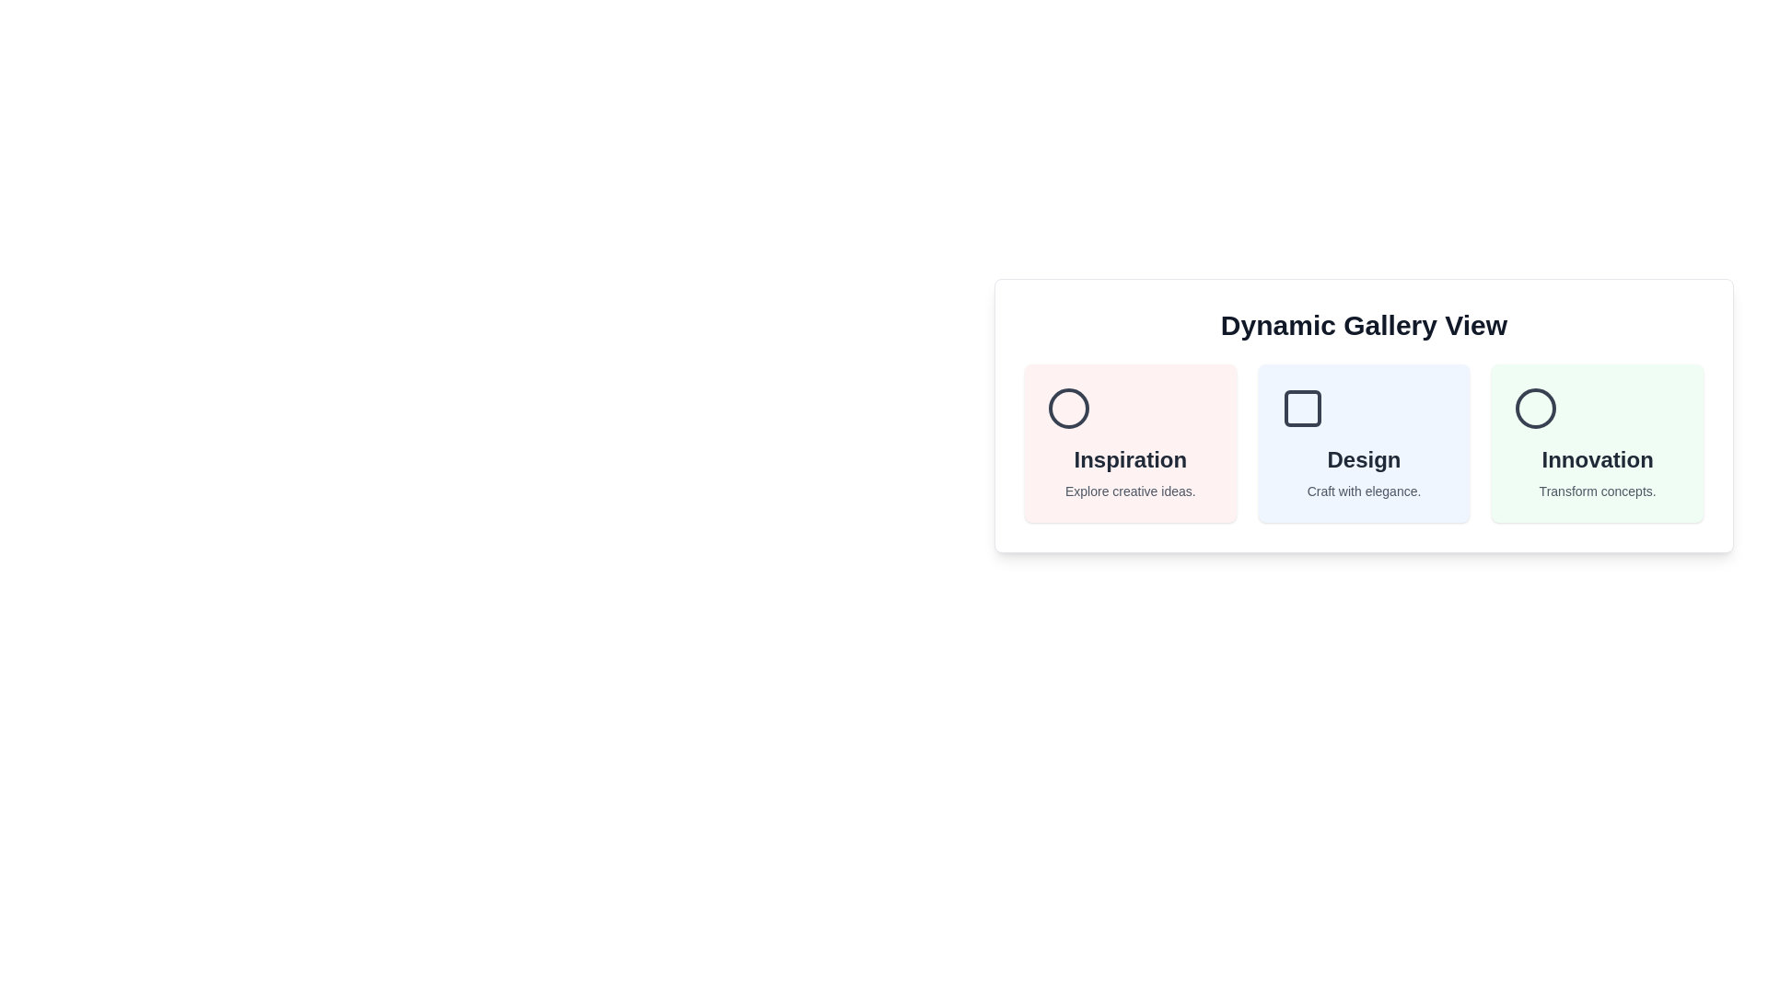 The image size is (1768, 994). Describe the element at coordinates (1301, 407) in the screenshot. I see `the decorative graphic located in the 'Design' section, which serves as a visual differentiation or branding element` at that location.